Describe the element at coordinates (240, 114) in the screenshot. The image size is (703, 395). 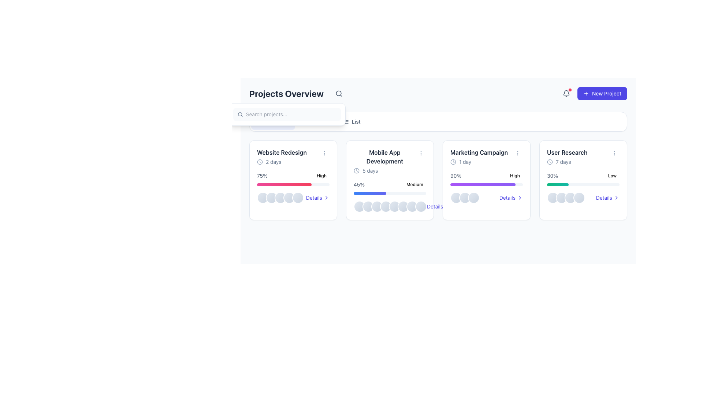
I see `the magnifying glass icon located in the header section, which is used for initiating a search action` at that location.